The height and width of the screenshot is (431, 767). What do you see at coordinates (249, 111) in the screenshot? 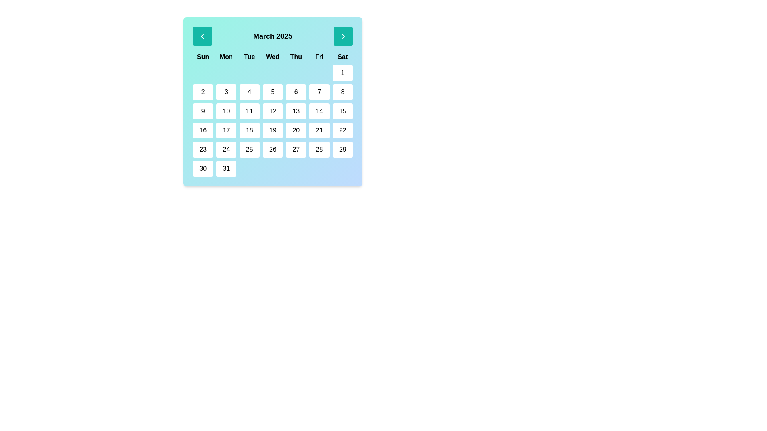
I see `the square button labeled '11' in the fourth row and fifth cell of the calendar grid` at bounding box center [249, 111].